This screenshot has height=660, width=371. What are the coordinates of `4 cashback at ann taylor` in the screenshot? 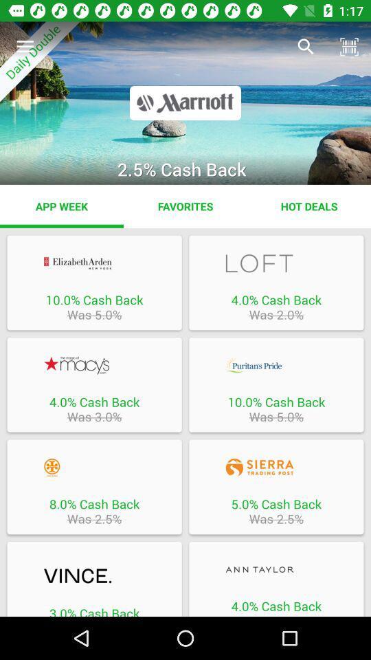 It's located at (276, 569).